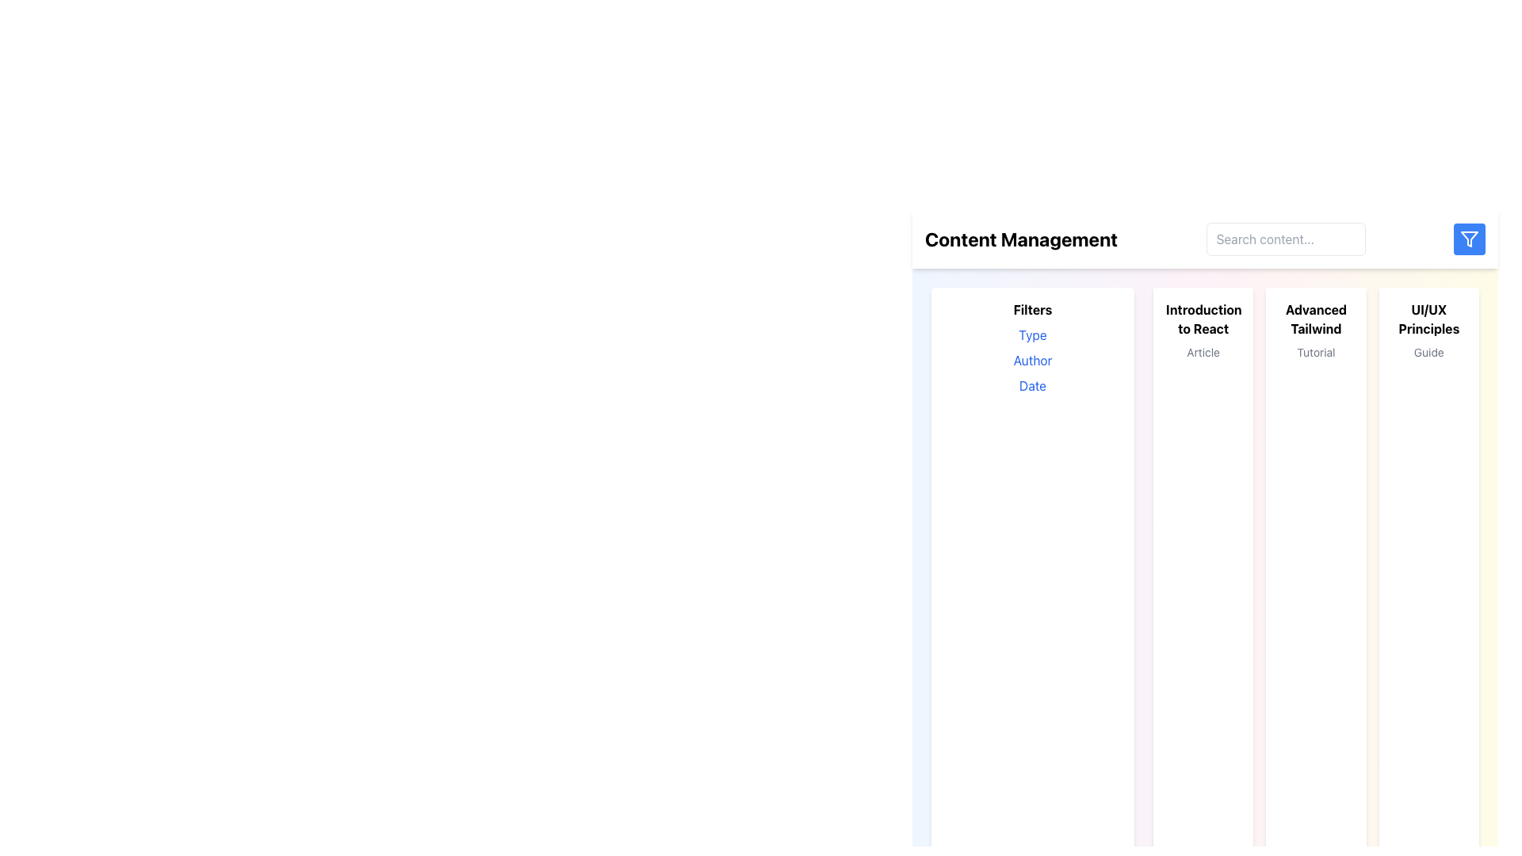 The width and height of the screenshot is (1522, 856). I want to click on text 'Article' from the small gray text label located beneath the bolded title 'Introduction to React', so click(1203, 351).